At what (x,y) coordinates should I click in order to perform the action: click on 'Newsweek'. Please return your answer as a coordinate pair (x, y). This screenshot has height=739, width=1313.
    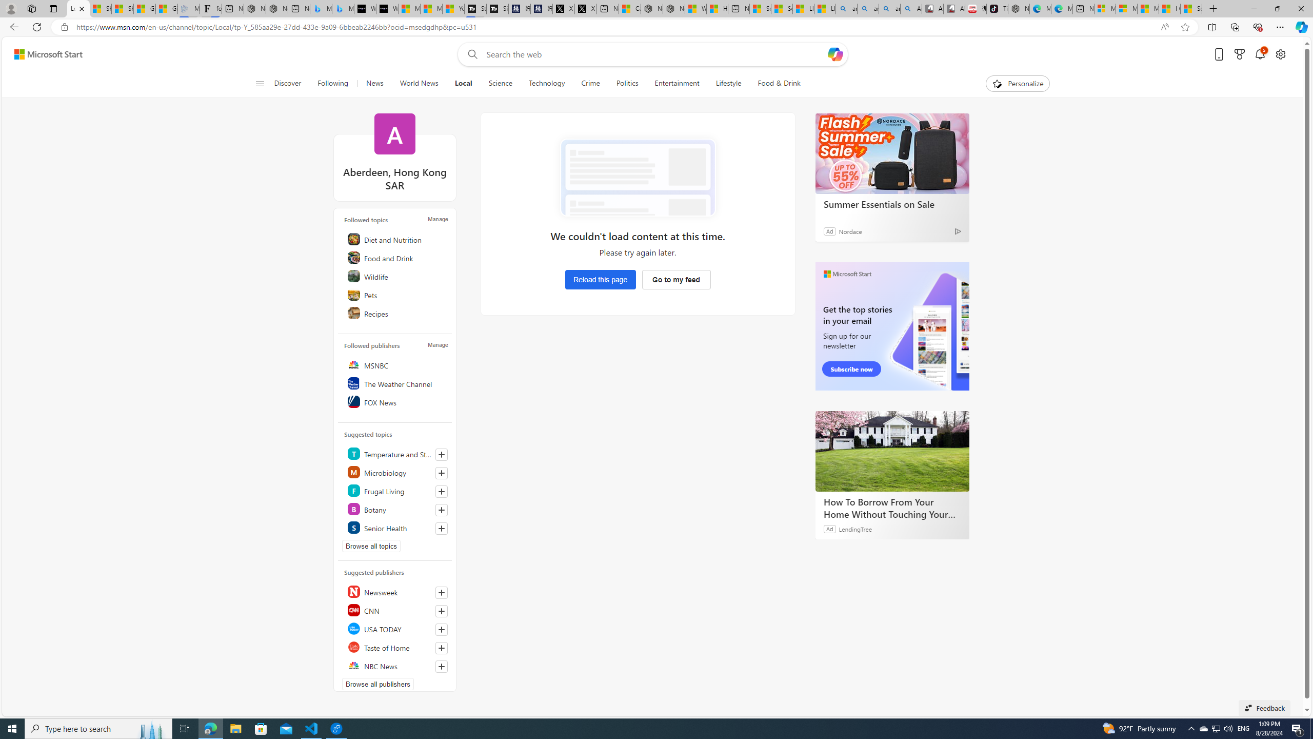
    Looking at the image, I should click on (396, 591).